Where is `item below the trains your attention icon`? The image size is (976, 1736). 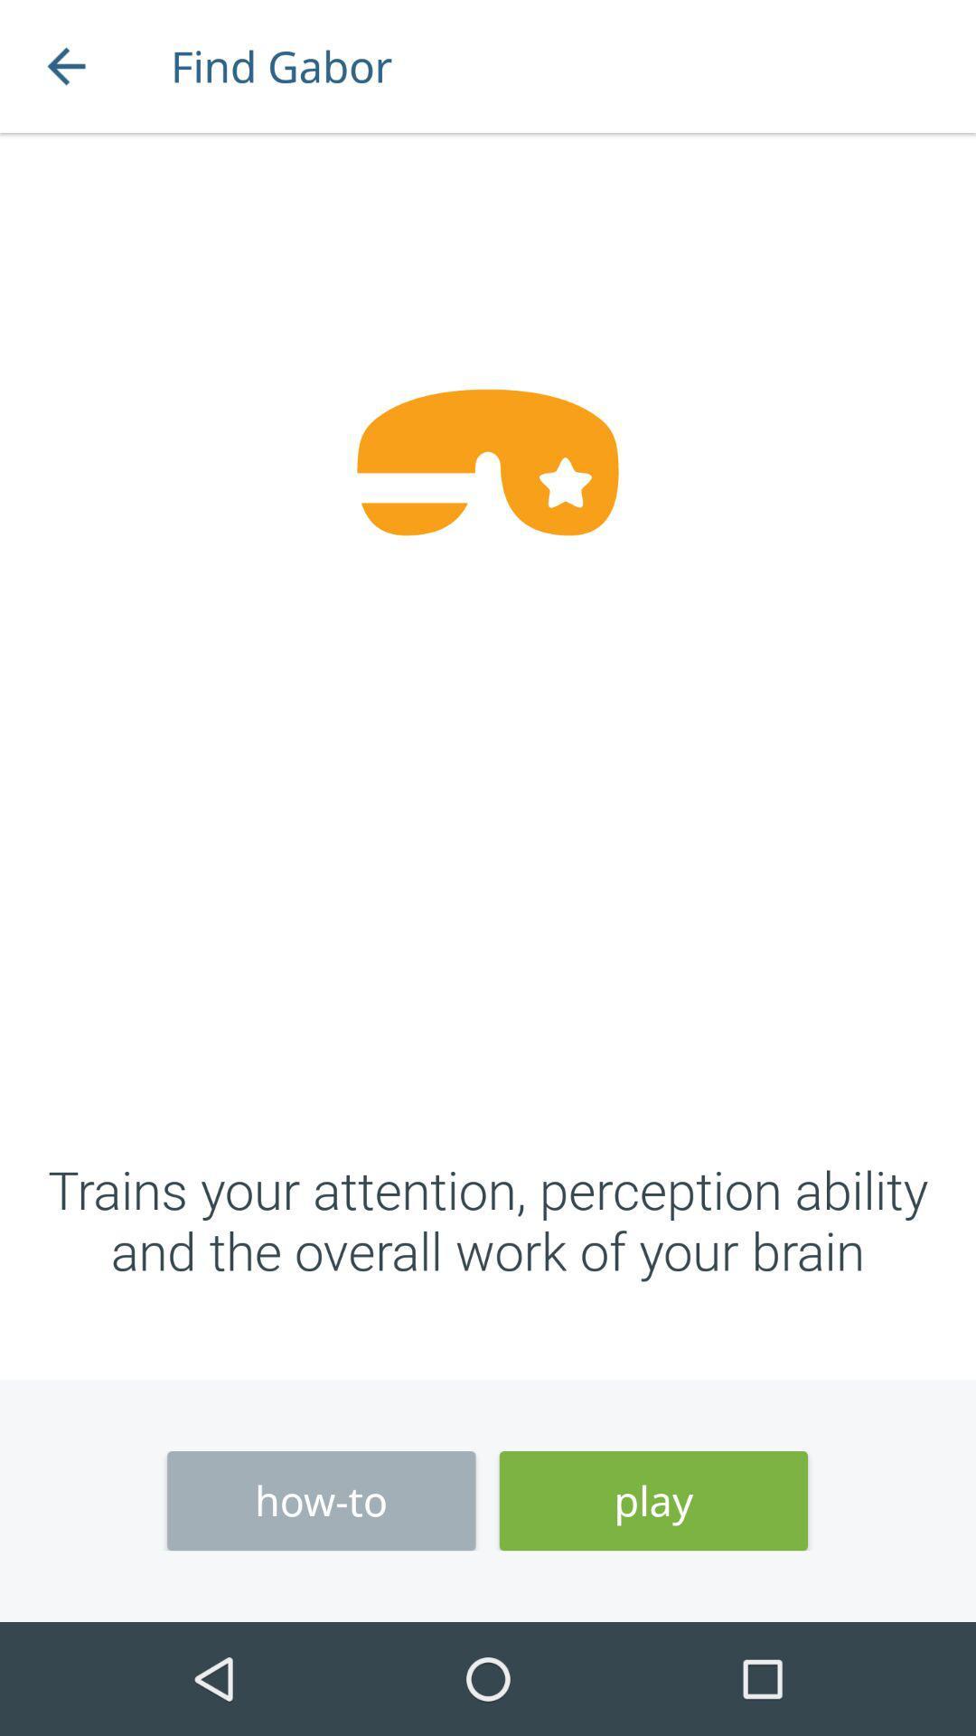
item below the trains your attention icon is located at coordinates (320, 1501).